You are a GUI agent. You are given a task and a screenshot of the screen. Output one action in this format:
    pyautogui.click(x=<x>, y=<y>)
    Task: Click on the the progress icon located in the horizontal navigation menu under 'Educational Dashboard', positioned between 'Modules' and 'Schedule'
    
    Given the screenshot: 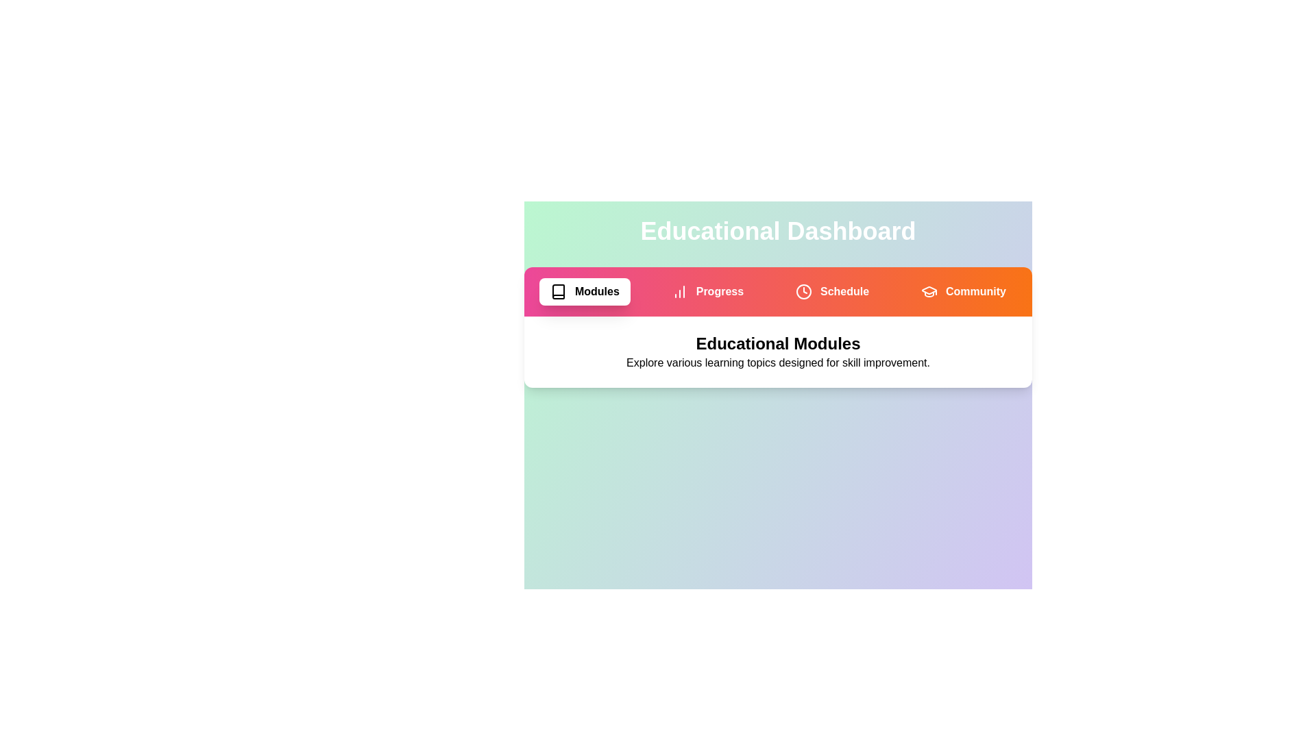 What is the action you would take?
    pyautogui.click(x=679, y=291)
    